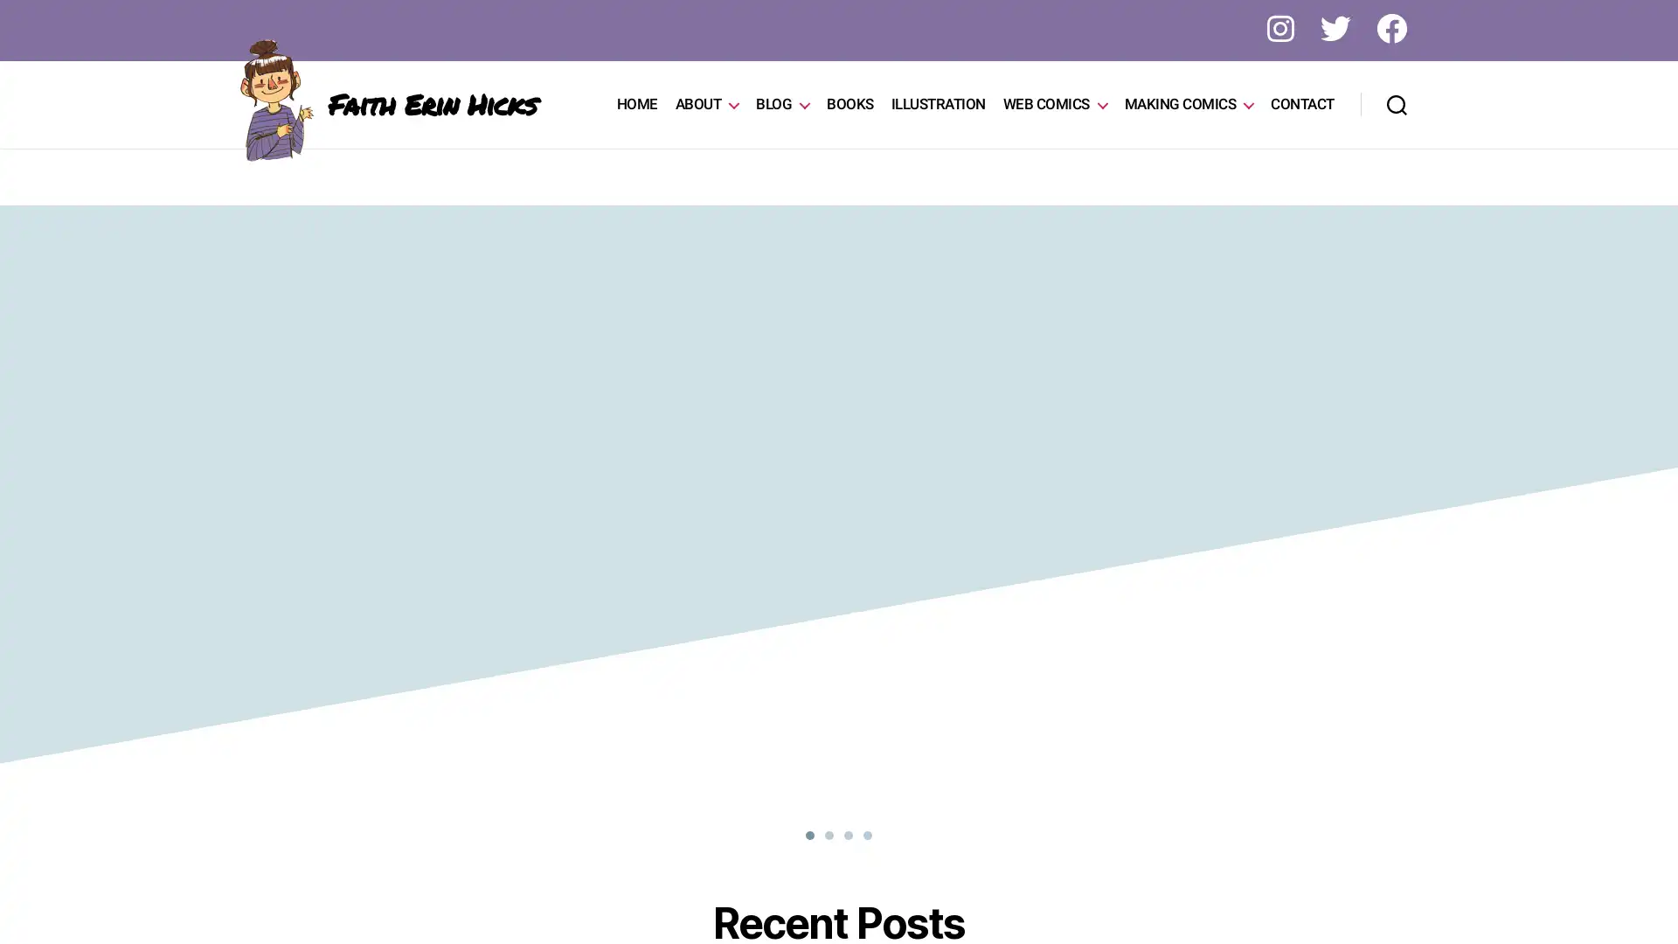 This screenshot has height=944, width=1678. Describe the element at coordinates (1396, 104) in the screenshot. I see `Search` at that location.